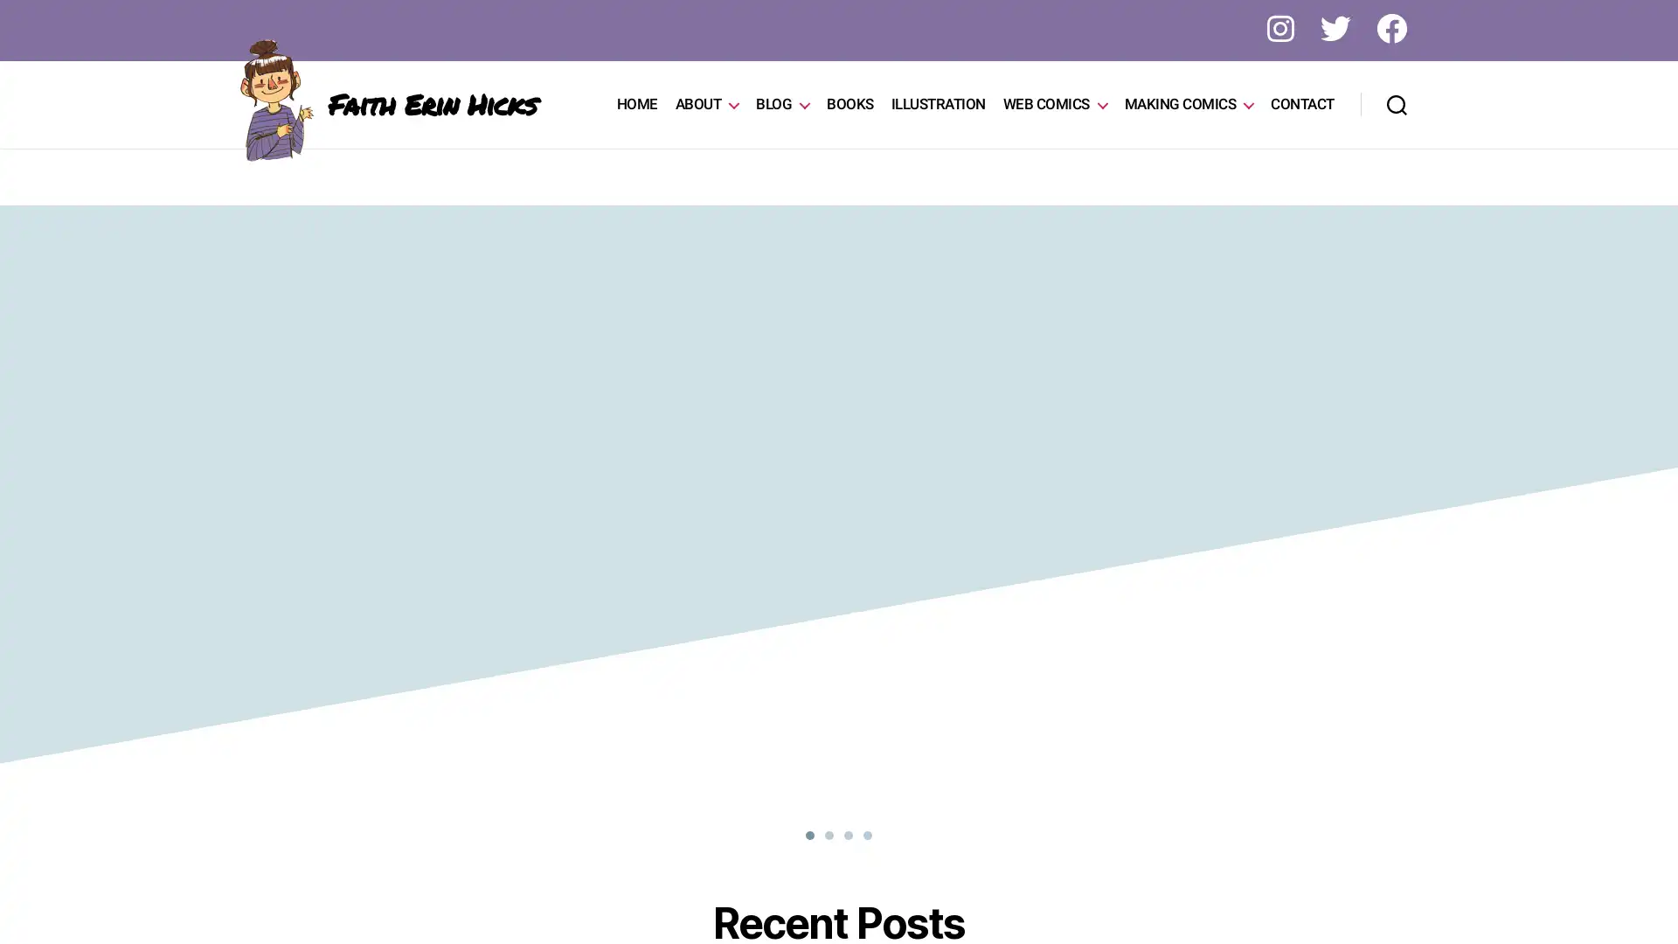 This screenshot has height=944, width=1678. Describe the element at coordinates (1396, 104) in the screenshot. I see `Search` at that location.